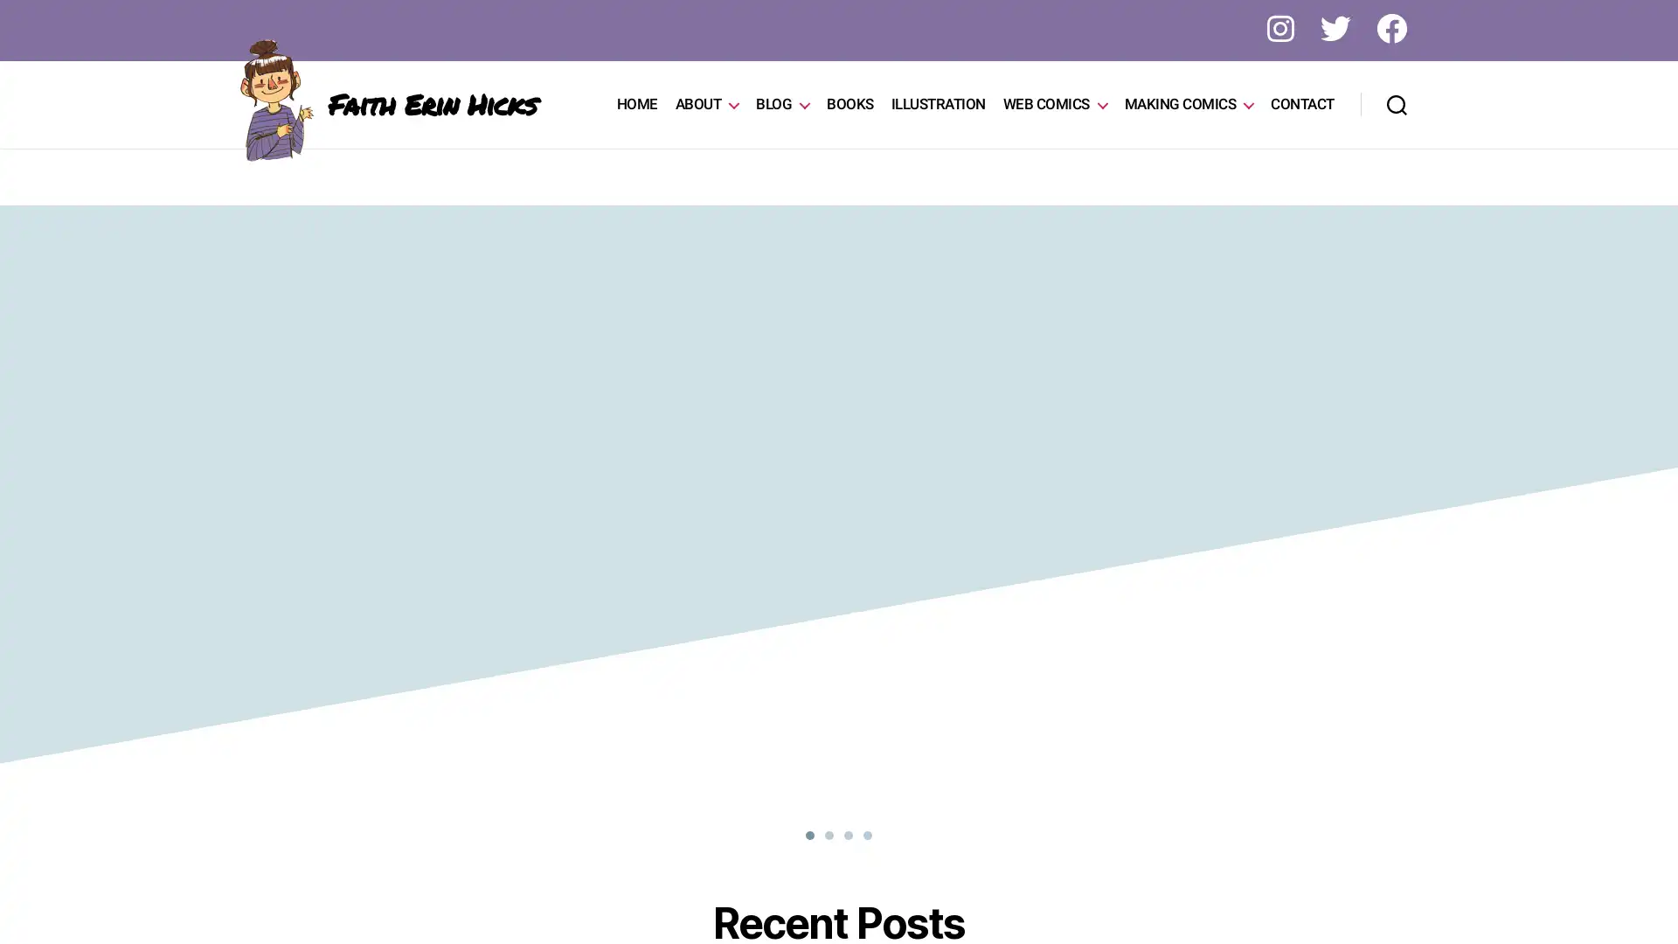 This screenshot has height=944, width=1678. Describe the element at coordinates (1396, 104) in the screenshot. I see `Search` at that location.